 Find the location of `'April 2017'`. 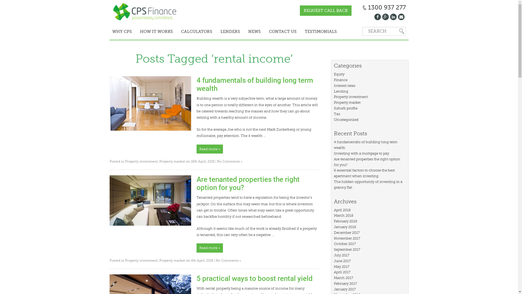

'April 2017' is located at coordinates (342, 272).